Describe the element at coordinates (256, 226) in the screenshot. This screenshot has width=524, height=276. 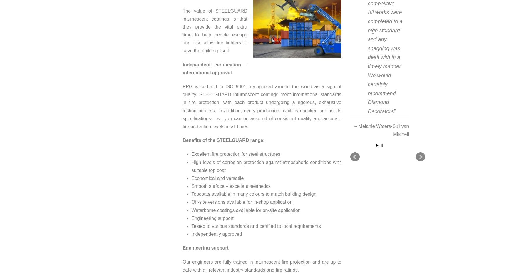
I see `'Tested to various standards and certified to local requirements'` at that location.